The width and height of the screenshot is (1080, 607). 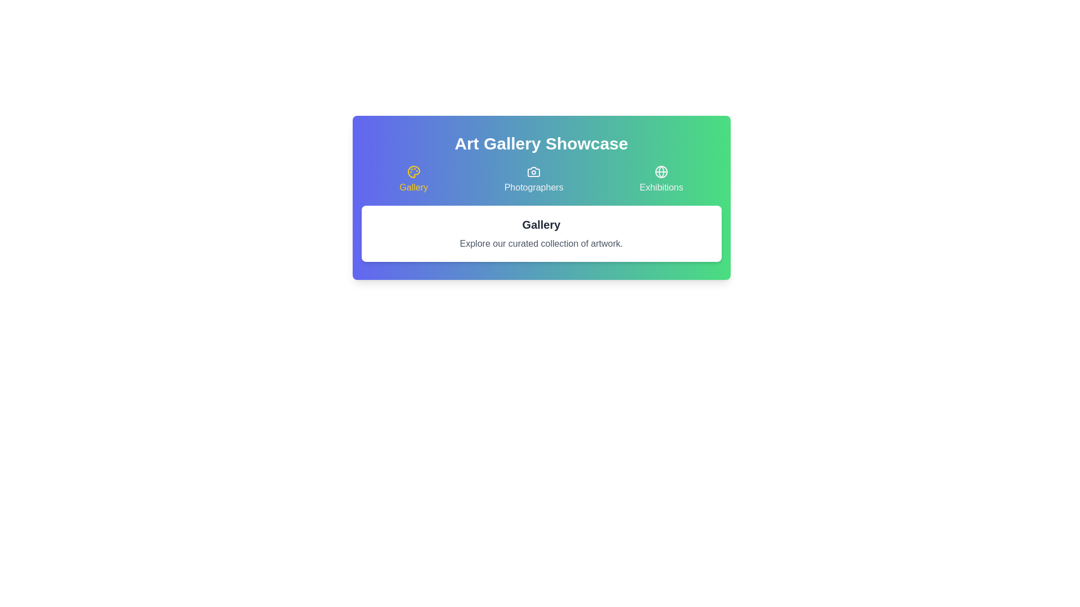 What do you see at coordinates (533, 179) in the screenshot?
I see `the tab corresponding to Photographers` at bounding box center [533, 179].